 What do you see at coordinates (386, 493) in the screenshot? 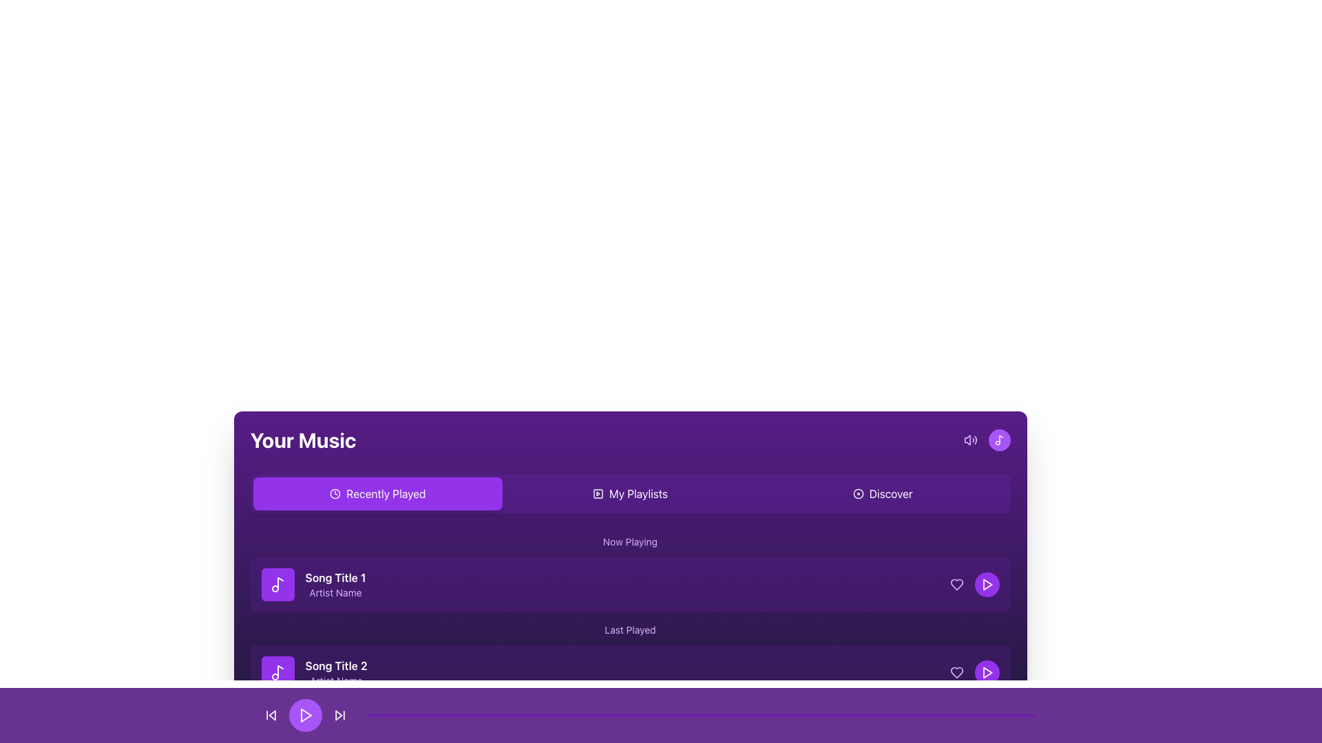
I see `the 'Recently Played' text label in the music interface` at bounding box center [386, 493].